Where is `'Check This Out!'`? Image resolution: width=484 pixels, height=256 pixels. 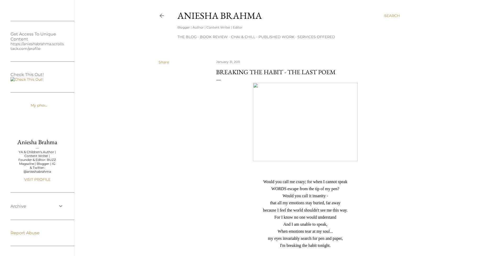 'Check This Out!' is located at coordinates (27, 74).